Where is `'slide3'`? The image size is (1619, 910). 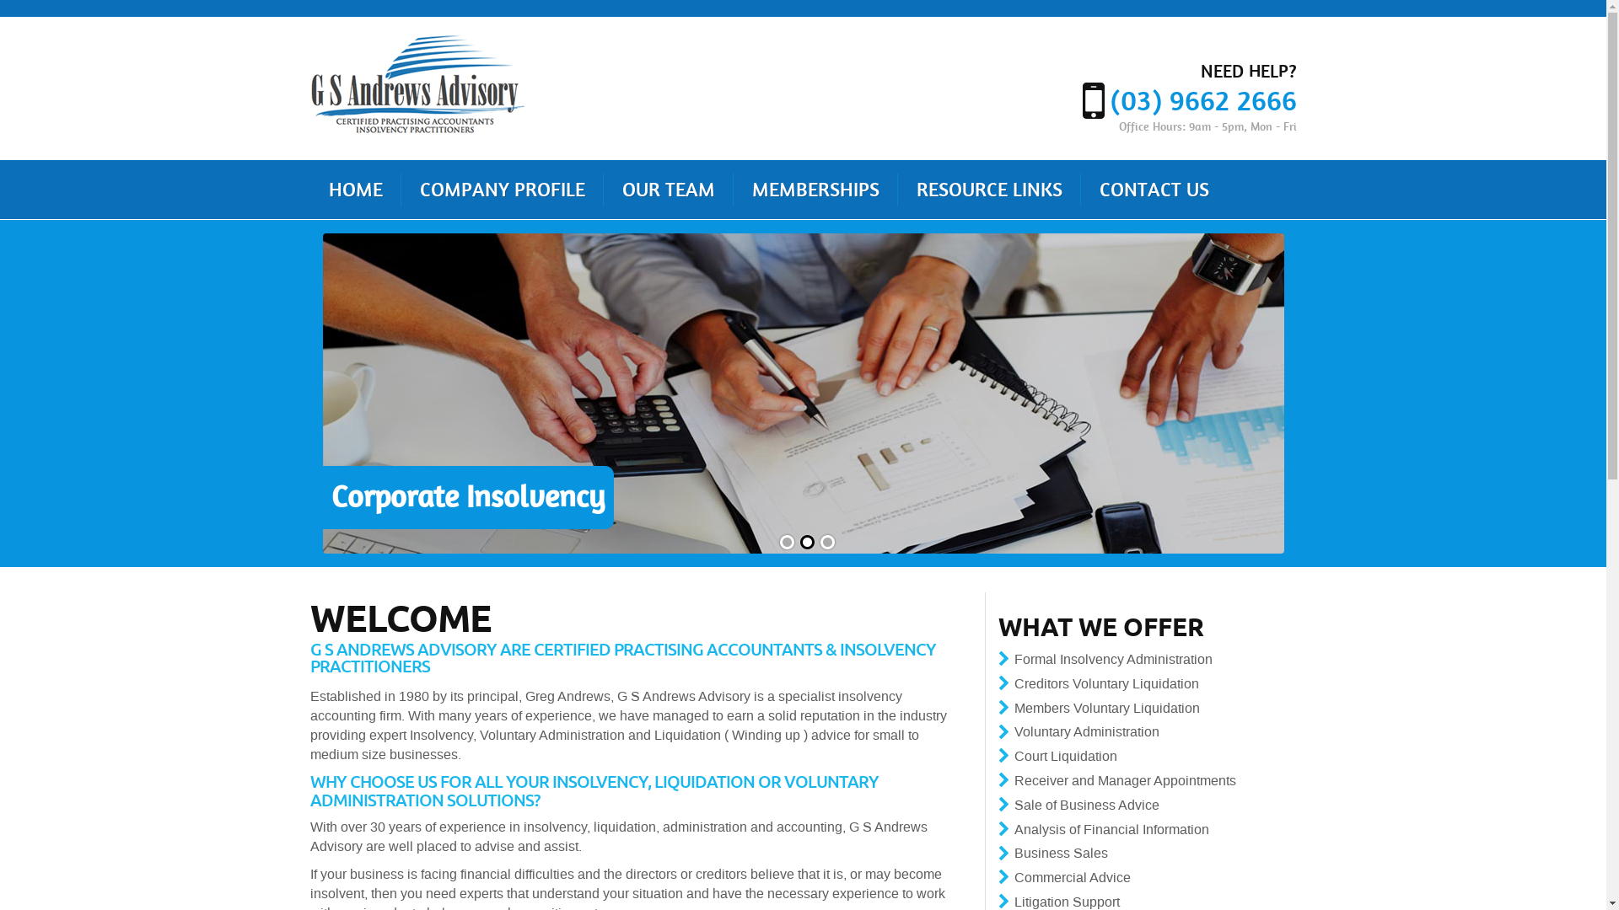
'slide3' is located at coordinates (817, 542).